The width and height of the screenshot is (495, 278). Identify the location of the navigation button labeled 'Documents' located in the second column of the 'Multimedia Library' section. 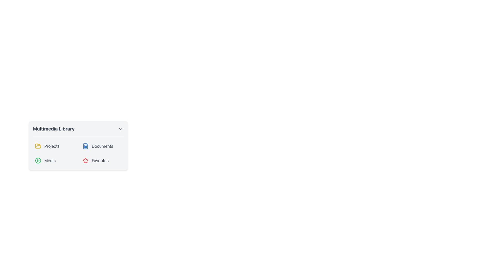
(102, 146).